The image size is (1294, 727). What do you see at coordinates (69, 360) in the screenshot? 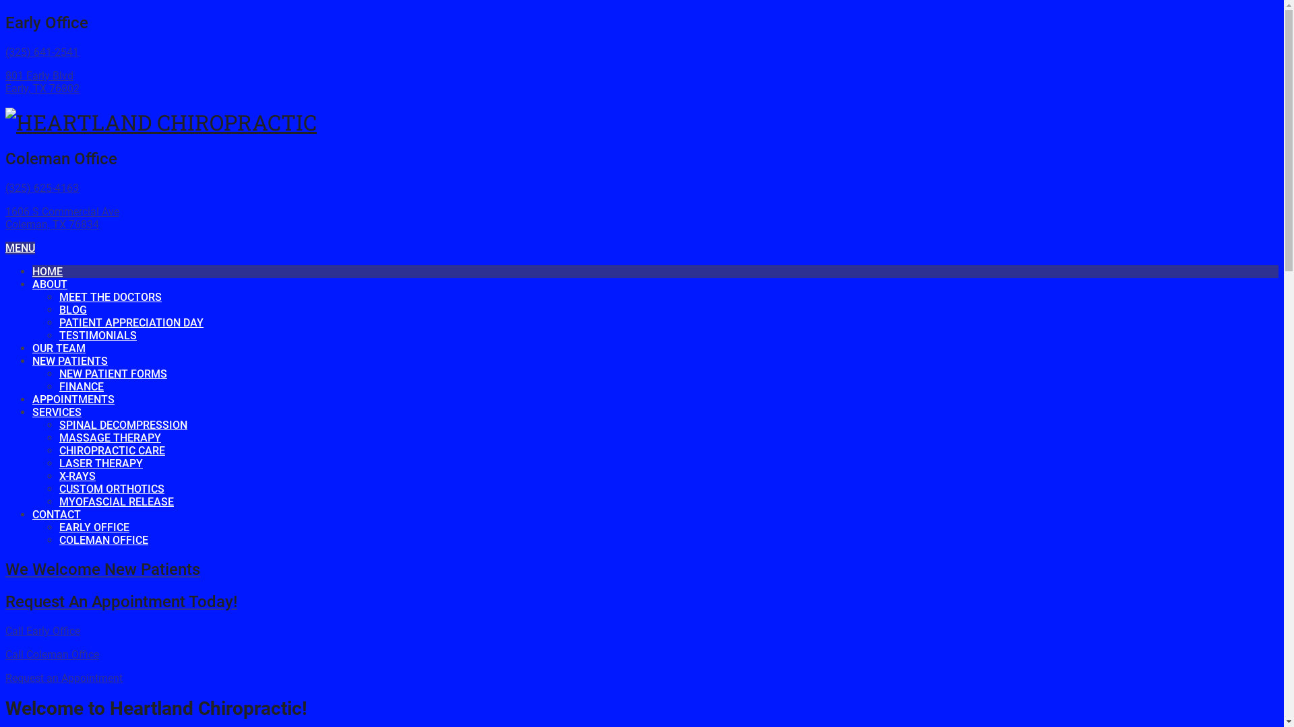
I see `'NEW PATIENTS'` at bounding box center [69, 360].